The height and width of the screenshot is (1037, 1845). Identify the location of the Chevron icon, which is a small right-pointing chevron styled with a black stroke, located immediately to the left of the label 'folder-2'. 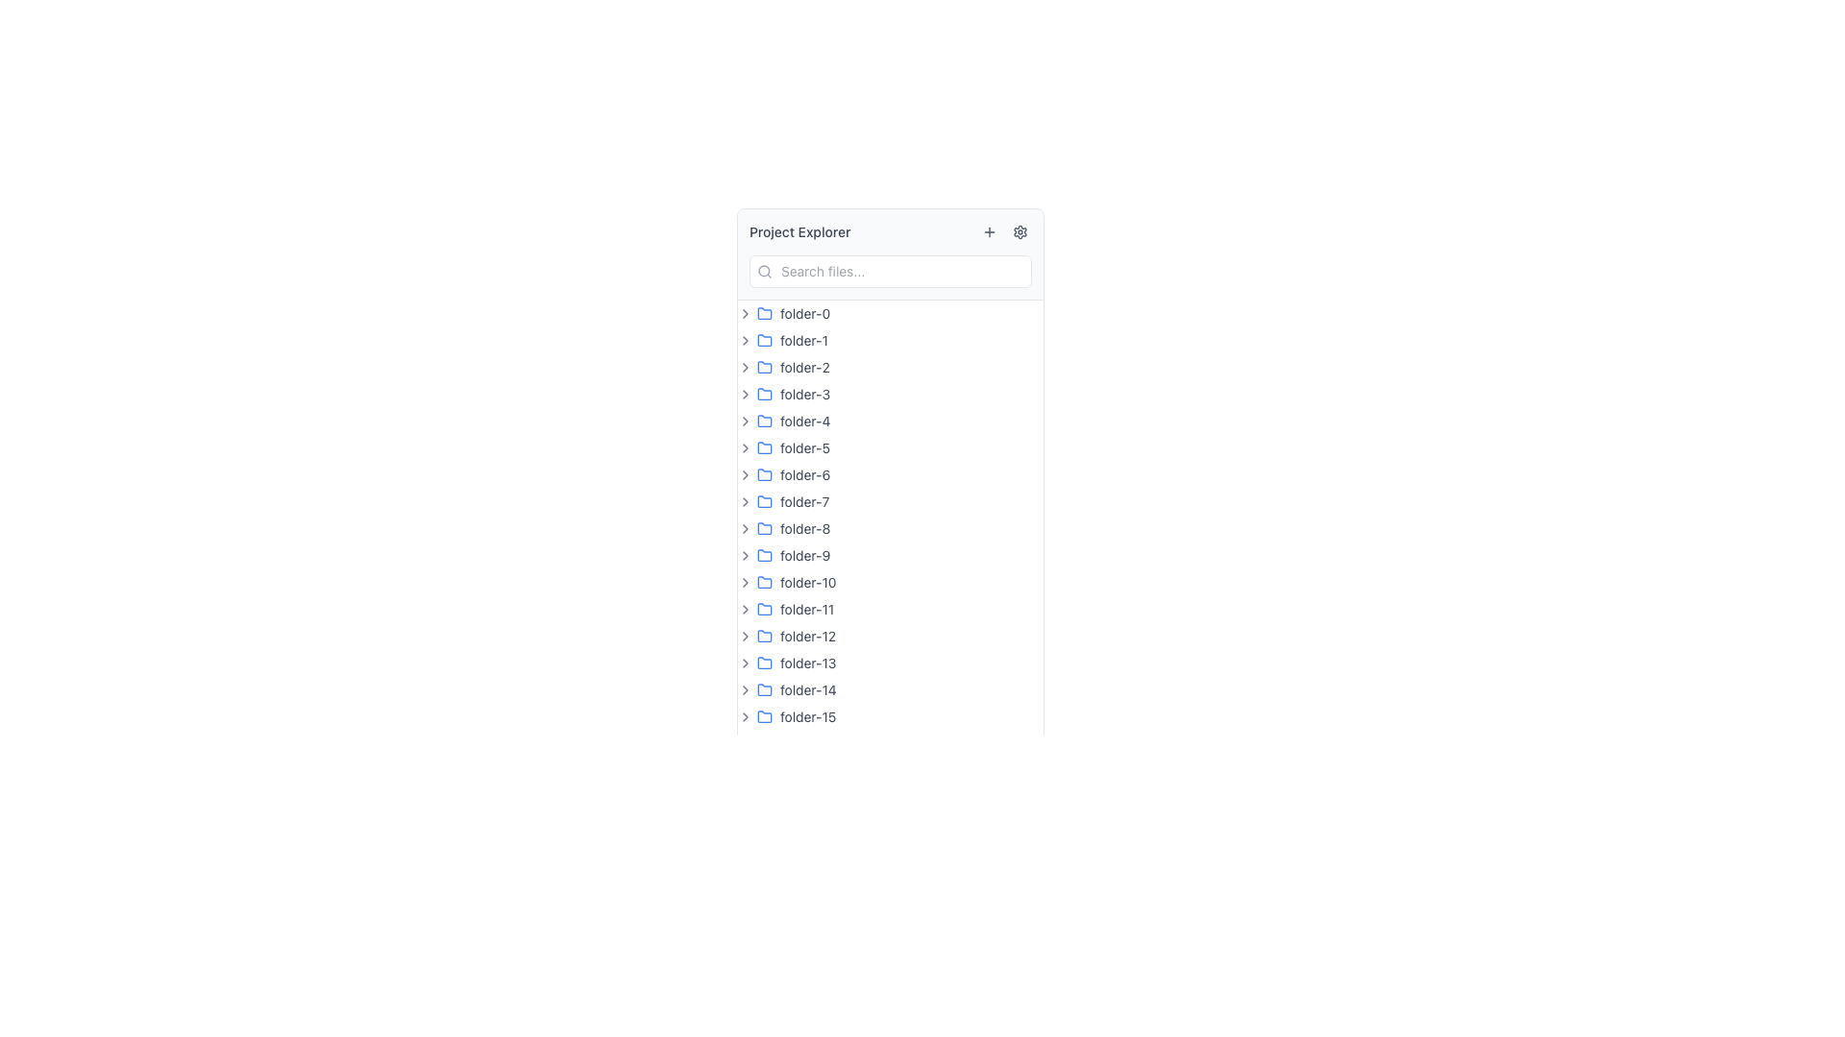
(745, 367).